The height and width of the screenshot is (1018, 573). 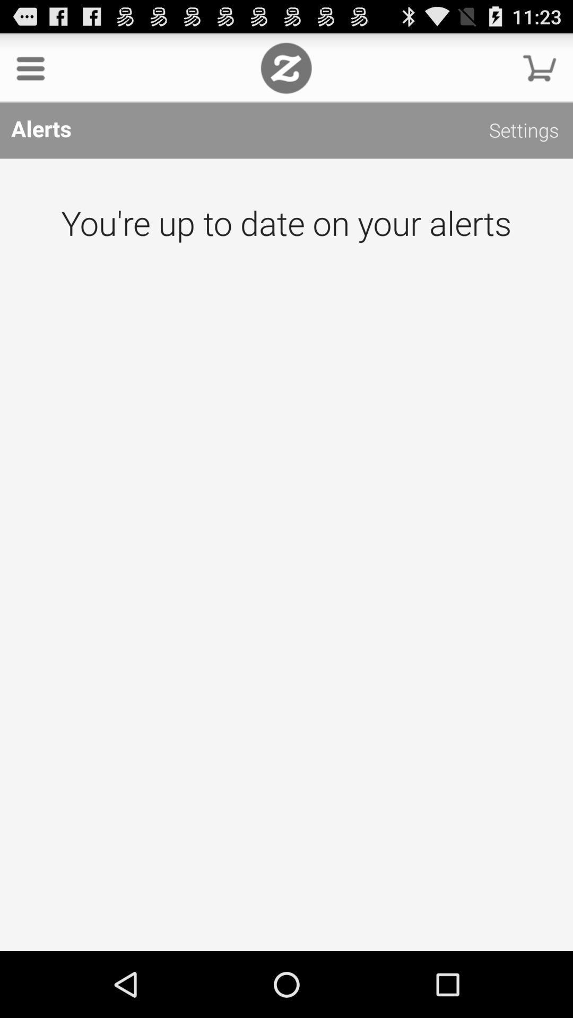 What do you see at coordinates (540, 67) in the screenshot?
I see `click the blinking box if you want to add something to your shopping cart to buy` at bounding box center [540, 67].